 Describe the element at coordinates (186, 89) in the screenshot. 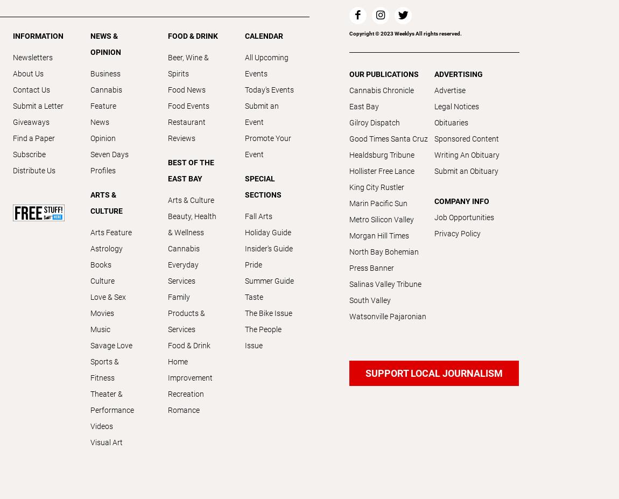

I see `'Food News'` at that location.